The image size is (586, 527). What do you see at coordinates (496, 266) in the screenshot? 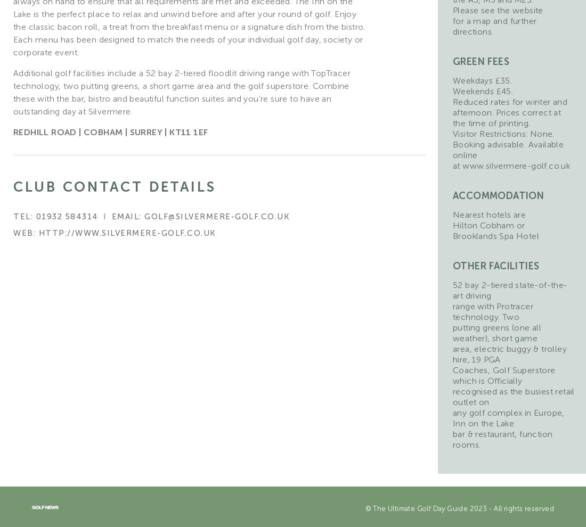
I see `'Other facilities'` at bounding box center [496, 266].